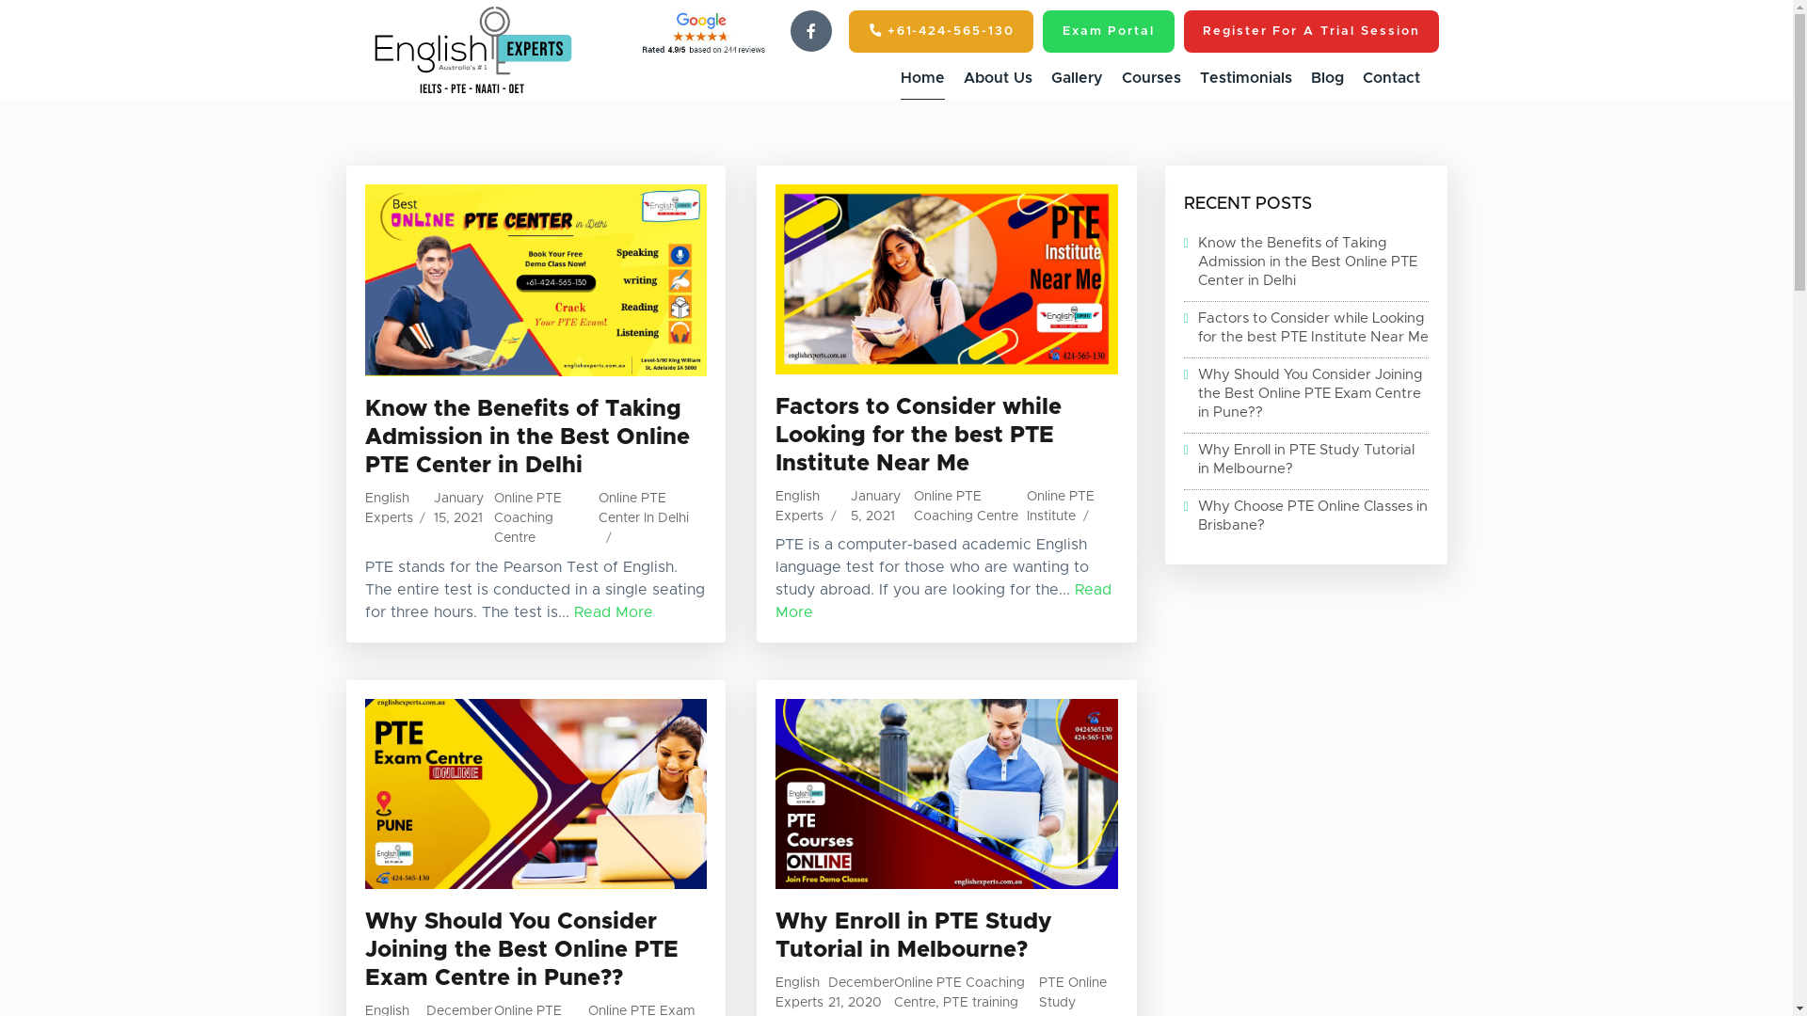 This screenshot has height=1016, width=1807. Describe the element at coordinates (849, 505) in the screenshot. I see `'January 5, 2021'` at that location.